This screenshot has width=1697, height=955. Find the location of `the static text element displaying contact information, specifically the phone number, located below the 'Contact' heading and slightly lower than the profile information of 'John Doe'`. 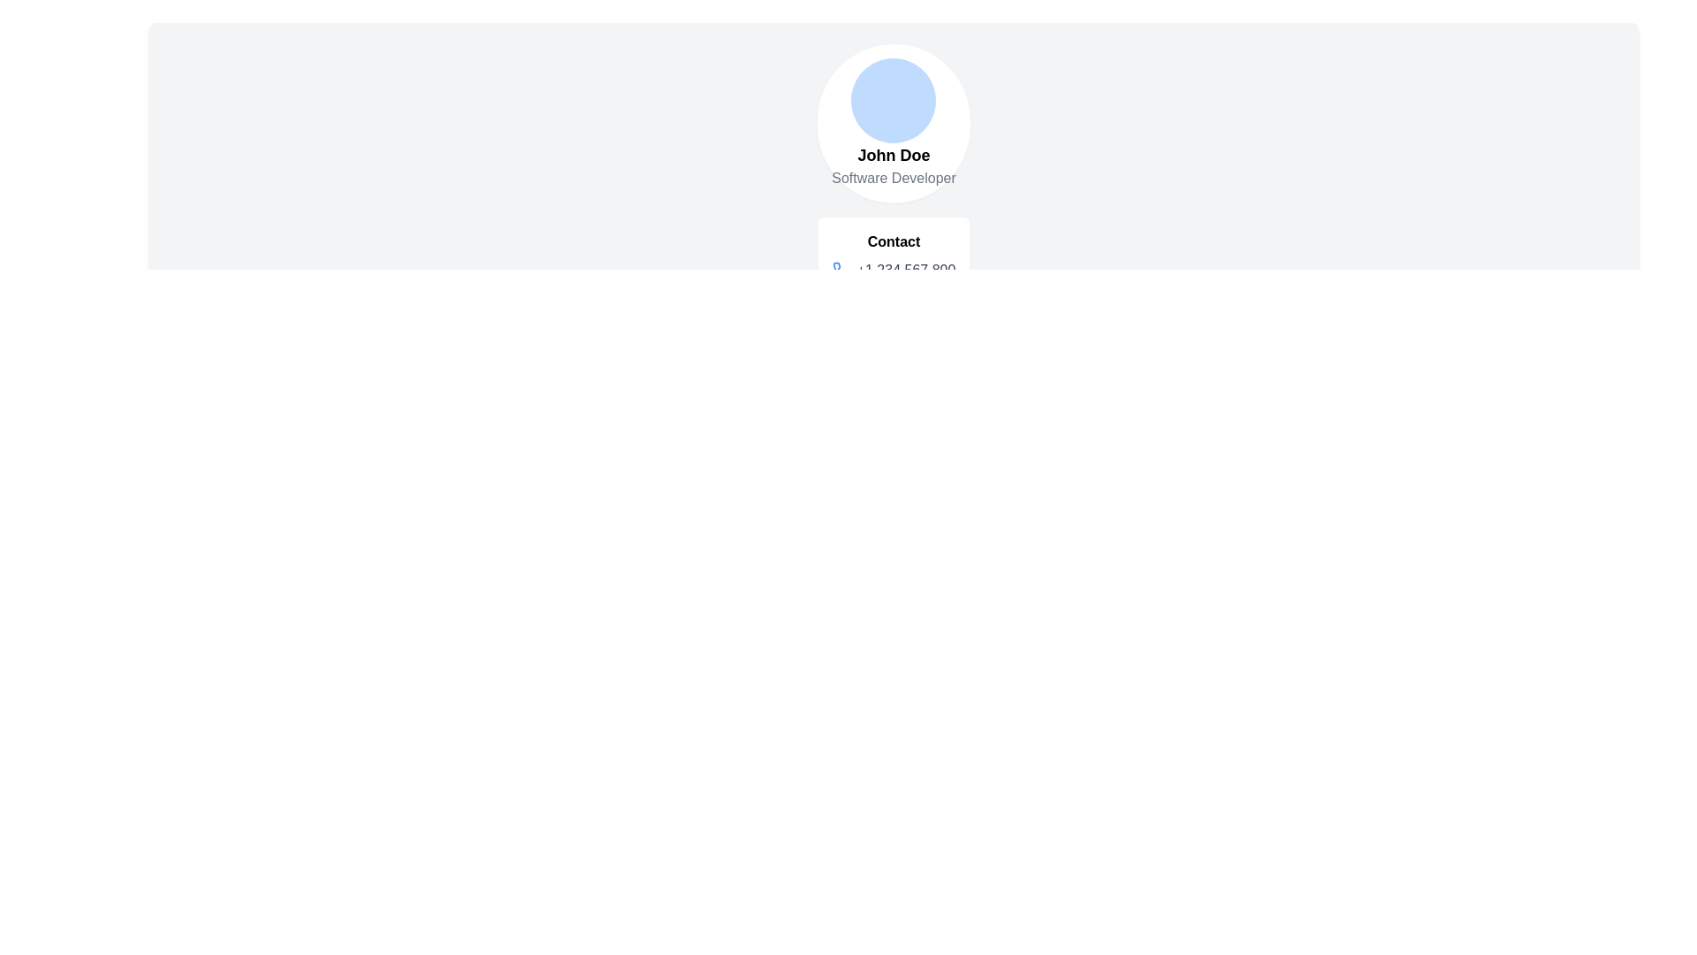

the static text element displaying contact information, specifically the phone number, located below the 'Contact' heading and slightly lower than the profile information of 'John Doe' is located at coordinates (906, 270).